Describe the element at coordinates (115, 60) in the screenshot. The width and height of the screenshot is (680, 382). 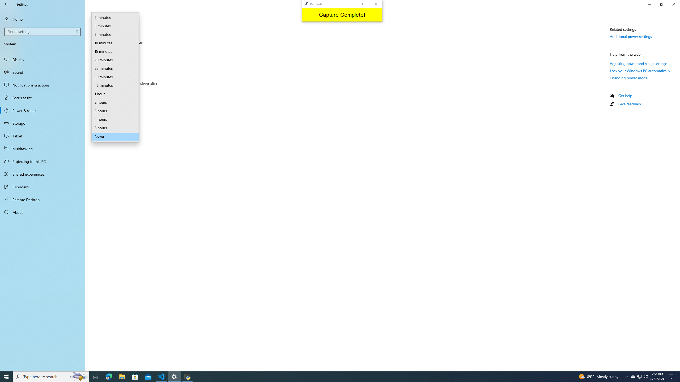
I see `'20 minutes'` at that location.